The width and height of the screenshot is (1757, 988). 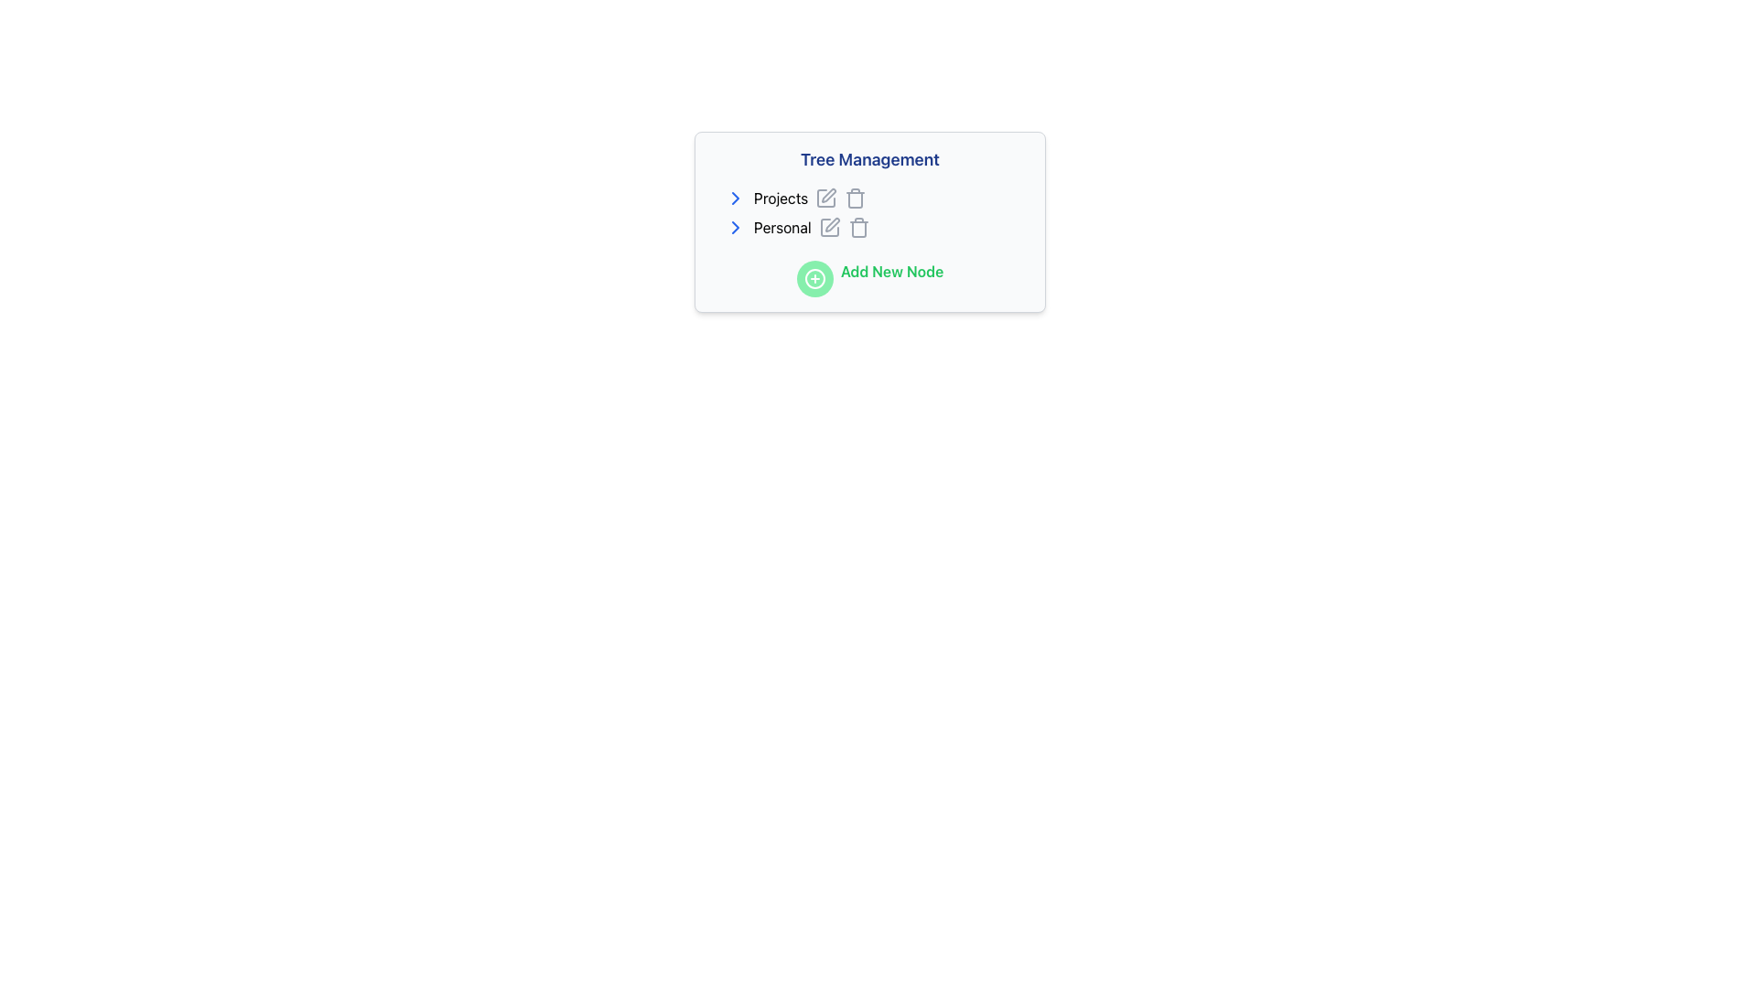 What do you see at coordinates (828, 195) in the screenshot?
I see `the interactive edit button icon next to the 'Projects' label in the 'Tree Management' section to observe styling changes` at bounding box center [828, 195].